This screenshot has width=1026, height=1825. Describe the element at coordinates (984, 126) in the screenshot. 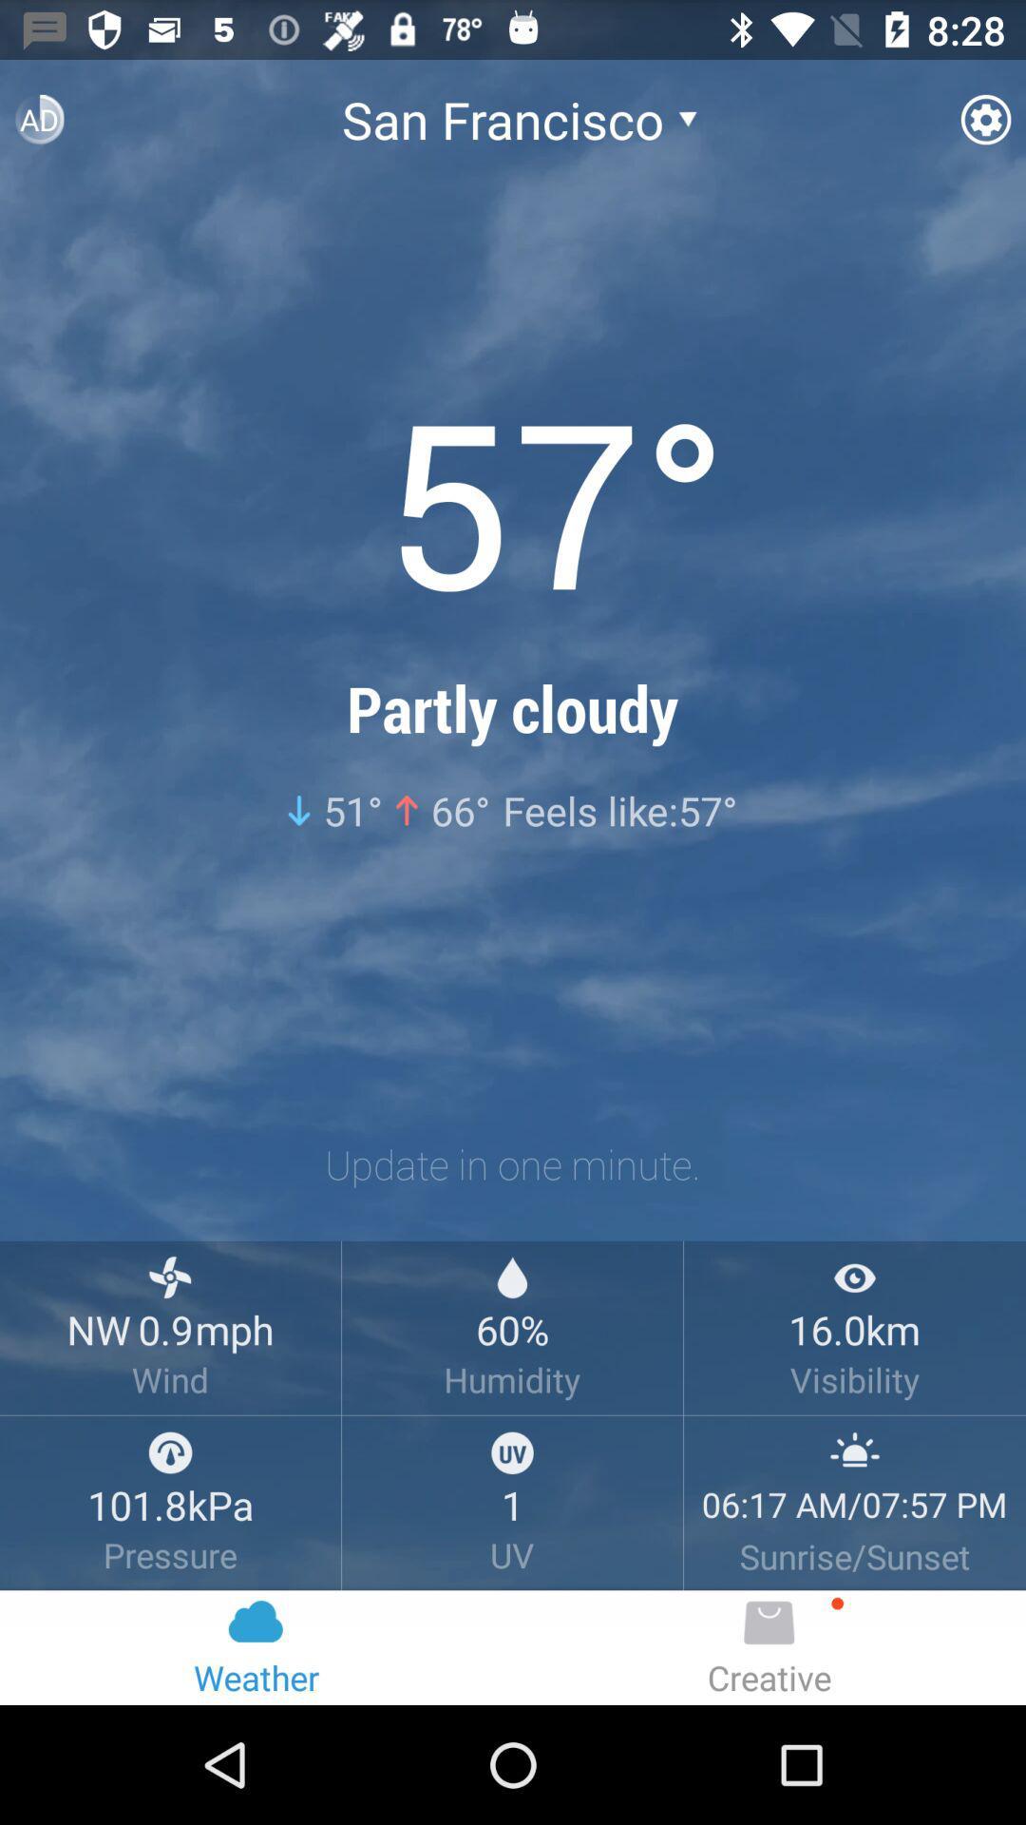

I see `the settings icon` at that location.